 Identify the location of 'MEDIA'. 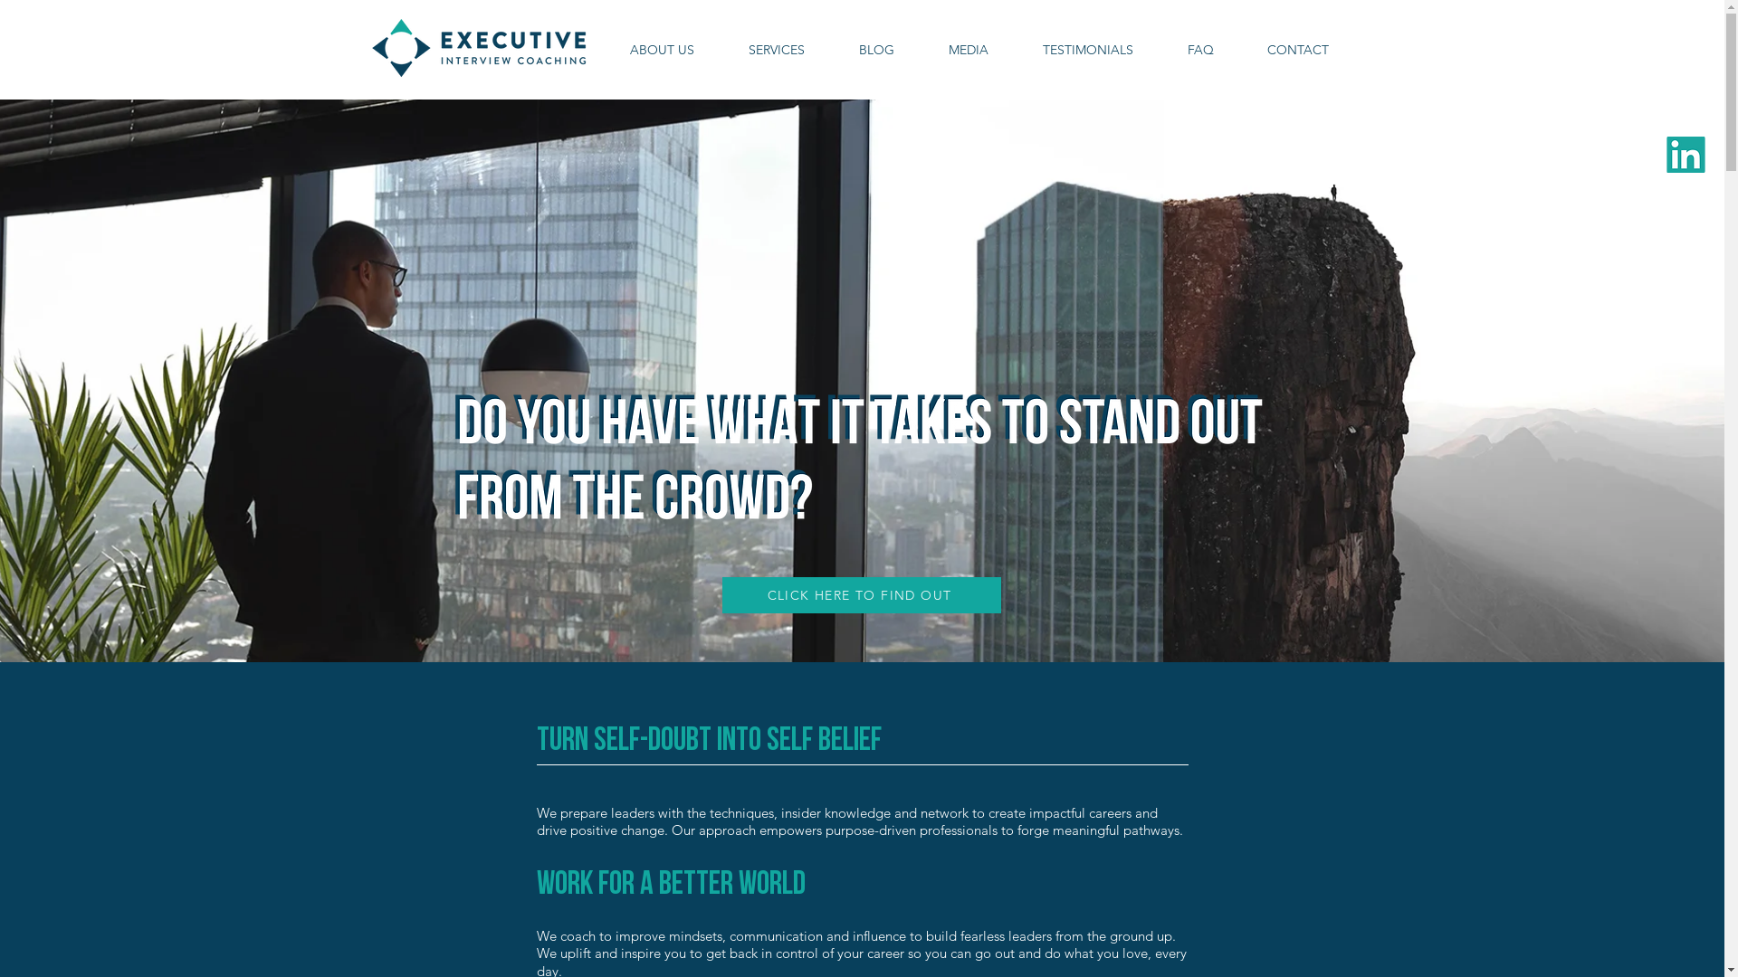
(968, 48).